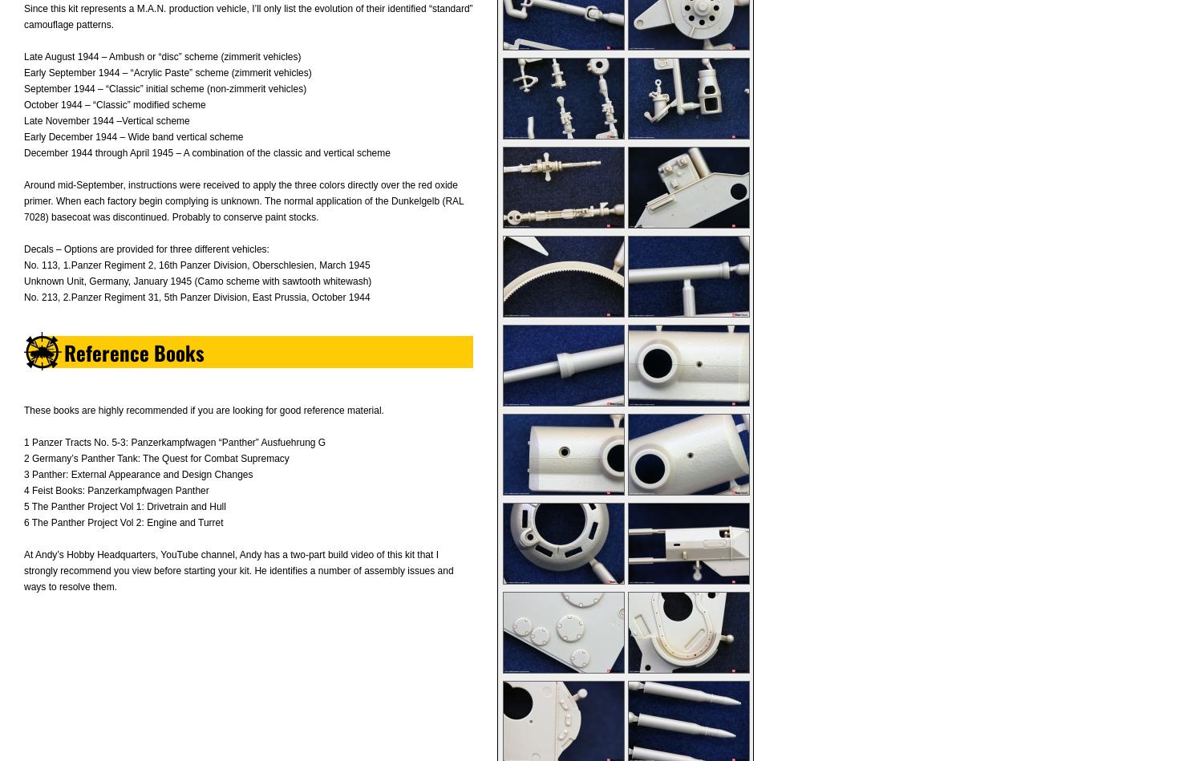  I want to click on 'Since this kit represents a M.A.N. production vehicle, I’ll only list the evolution of their identified “standard” camouflage patterns.', so click(248, 16).